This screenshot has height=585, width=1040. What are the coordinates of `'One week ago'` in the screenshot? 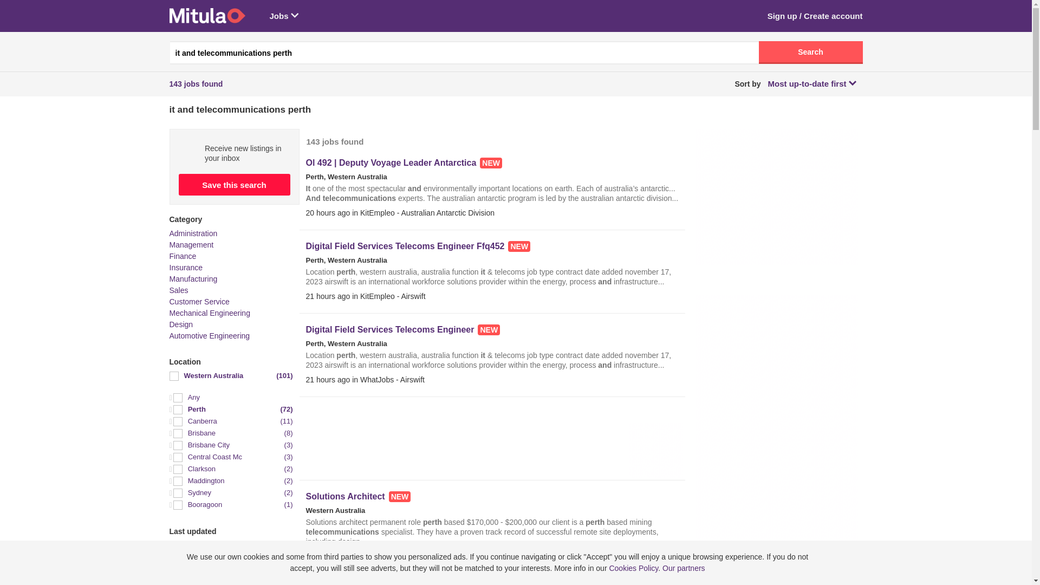 It's located at (168, 557).